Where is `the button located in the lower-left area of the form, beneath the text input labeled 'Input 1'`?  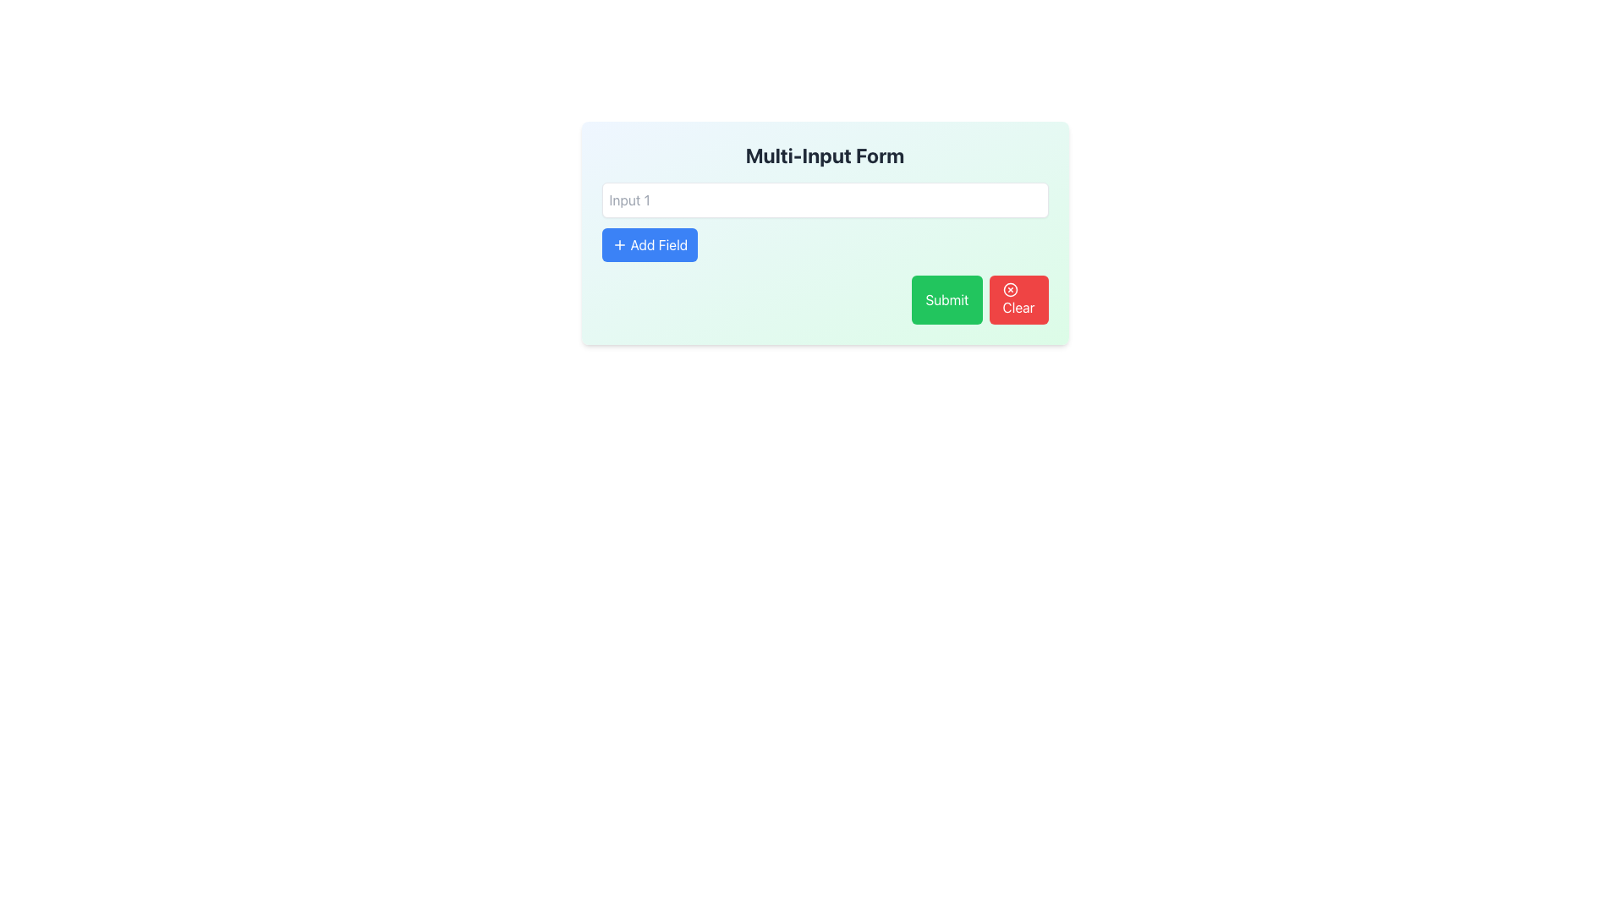
the button located in the lower-left area of the form, beneath the text input labeled 'Input 1' is located at coordinates (649, 244).